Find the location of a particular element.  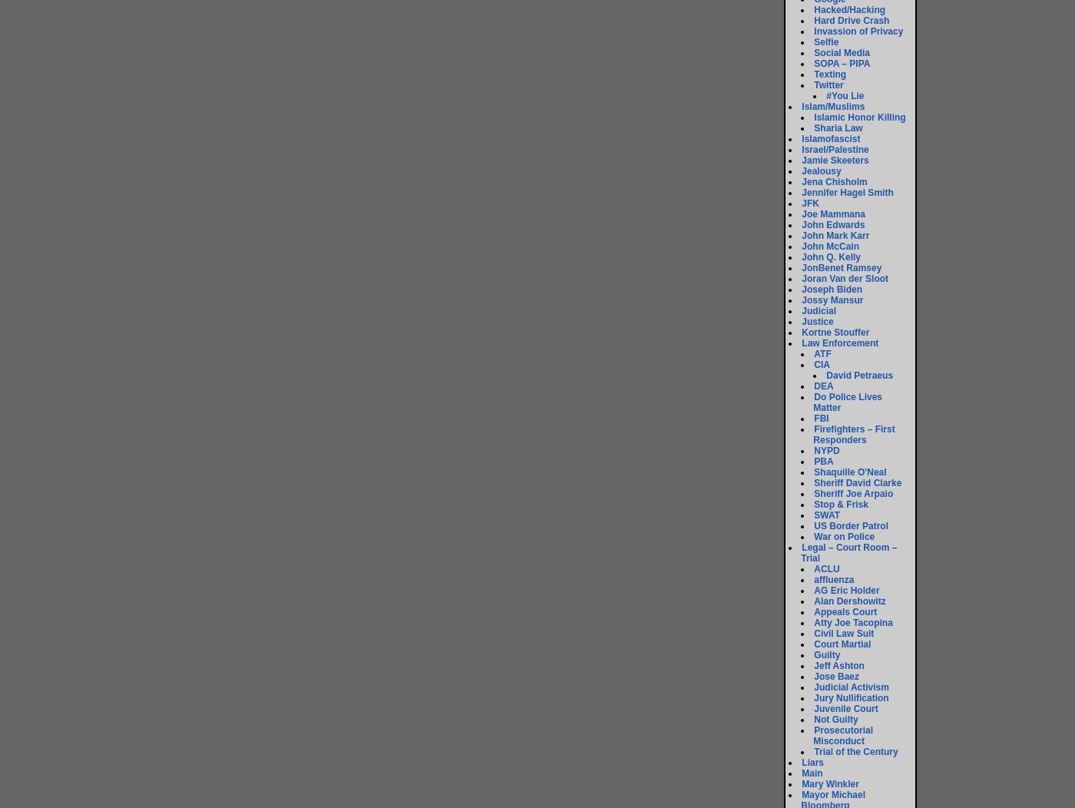

'Jealousy' is located at coordinates (821, 171).